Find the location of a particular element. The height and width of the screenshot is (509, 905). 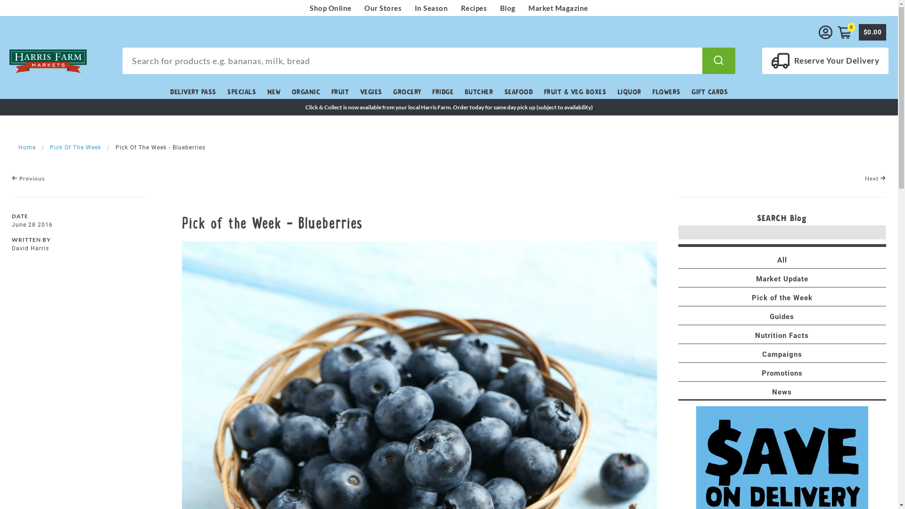

'ORGANIC' is located at coordinates (305, 92).